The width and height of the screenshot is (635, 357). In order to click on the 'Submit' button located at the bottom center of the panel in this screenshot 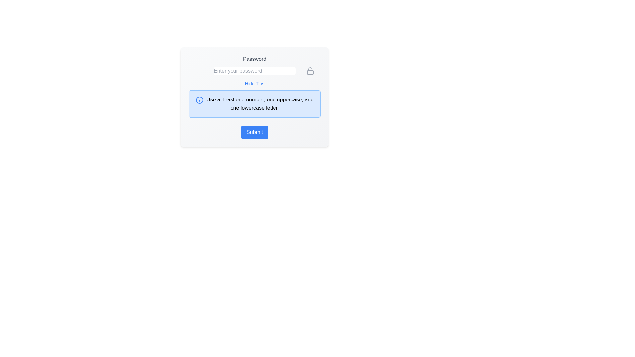, I will do `click(254, 132)`.